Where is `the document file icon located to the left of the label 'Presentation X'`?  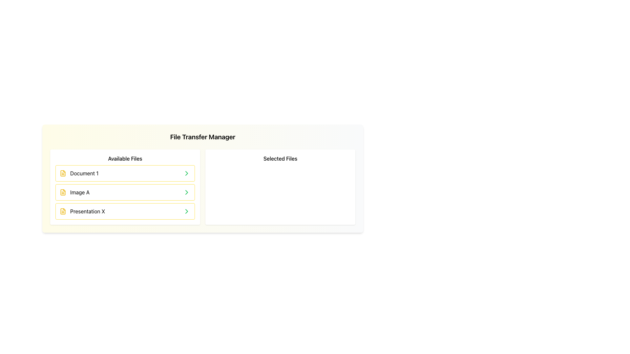
the document file icon located to the left of the label 'Presentation X' is located at coordinates (63, 211).